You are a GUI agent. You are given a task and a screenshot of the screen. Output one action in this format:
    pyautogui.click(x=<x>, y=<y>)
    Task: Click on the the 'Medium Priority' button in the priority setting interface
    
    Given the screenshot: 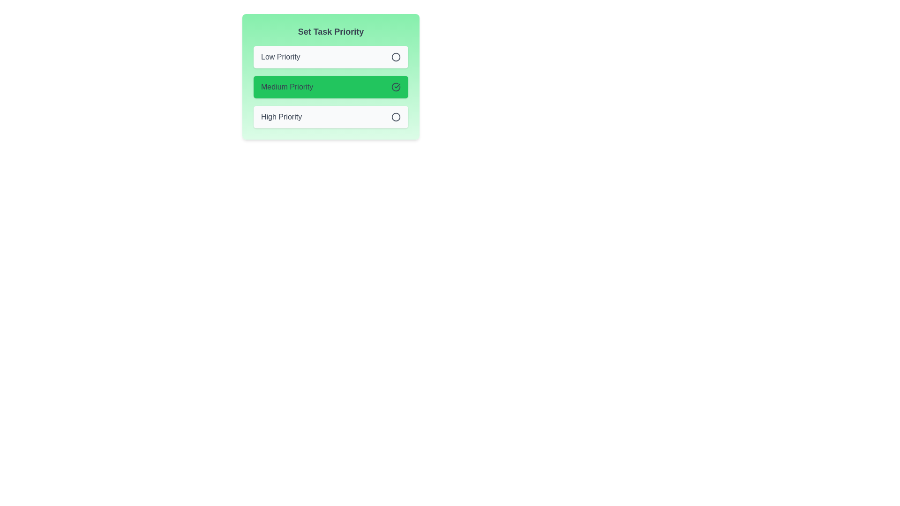 What is the action you would take?
    pyautogui.click(x=330, y=87)
    